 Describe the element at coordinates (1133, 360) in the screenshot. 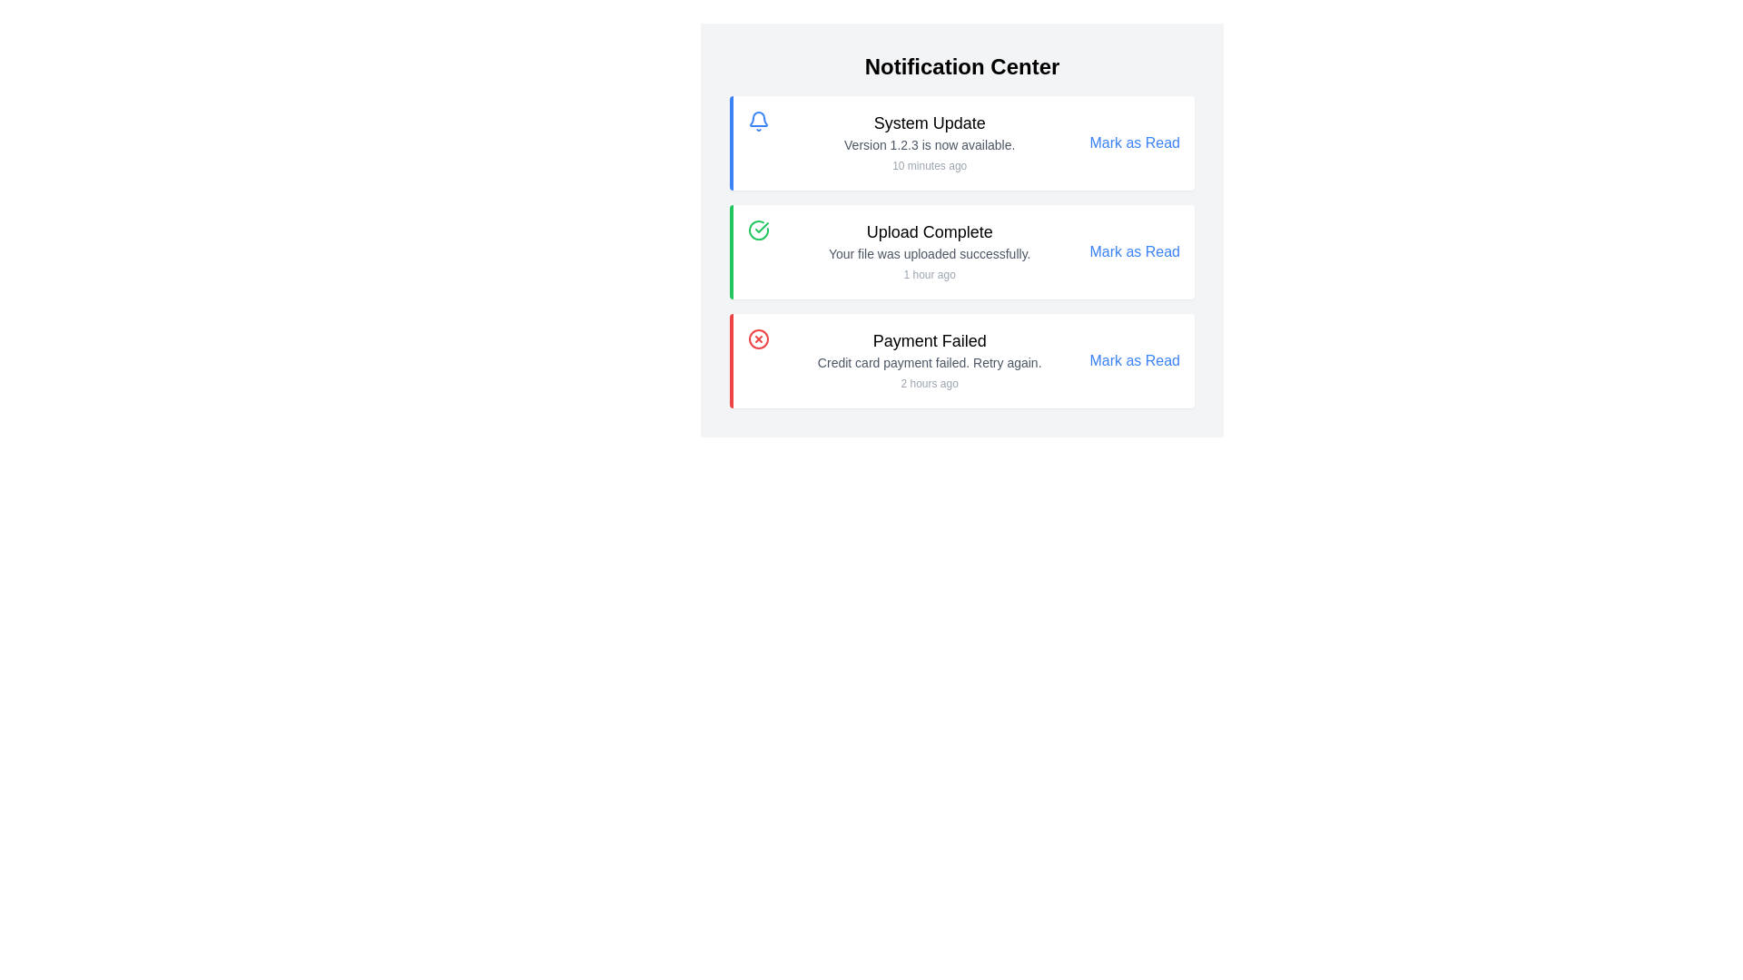

I see `the 'Mark as Read' blue text link located in the lower right corner of the third notification card to mark the notification as read` at that location.